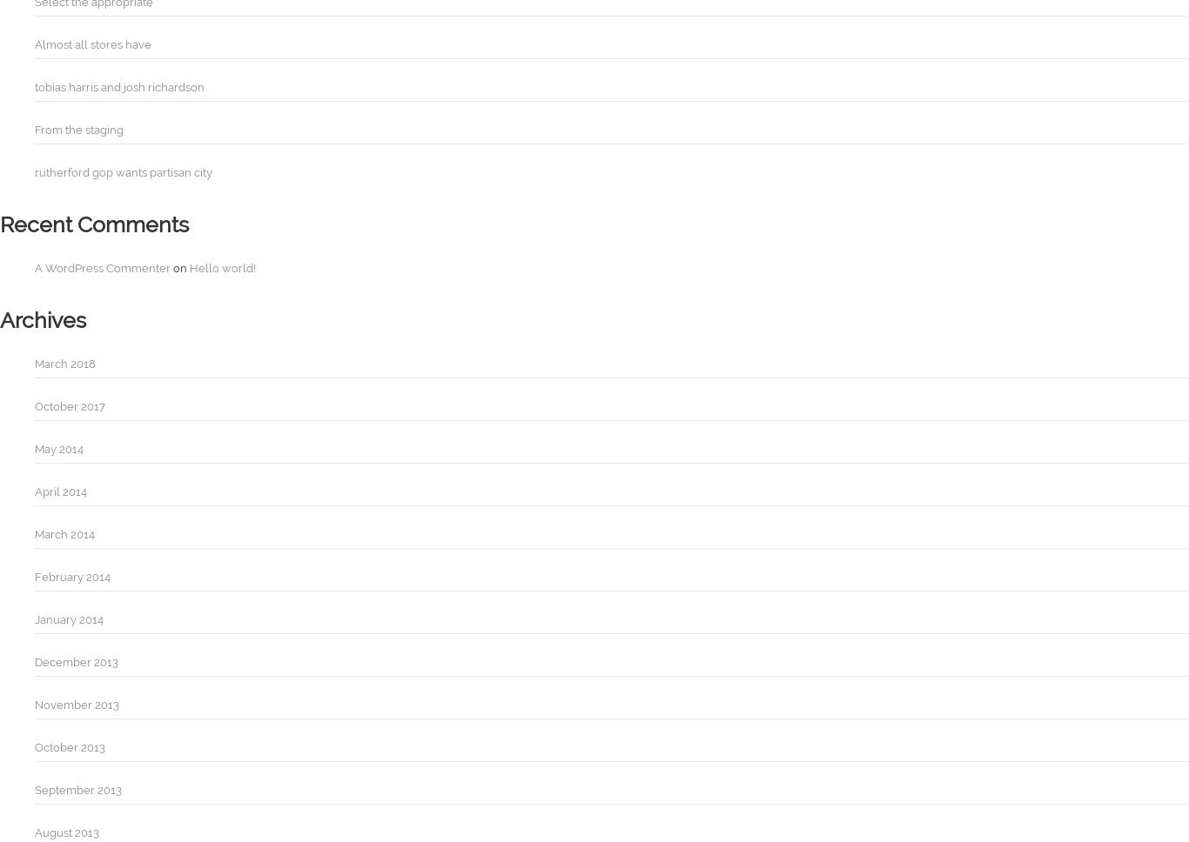 This screenshot has width=1189, height=842. I want to click on 'rutherford gop wants partisan city', so click(123, 172).